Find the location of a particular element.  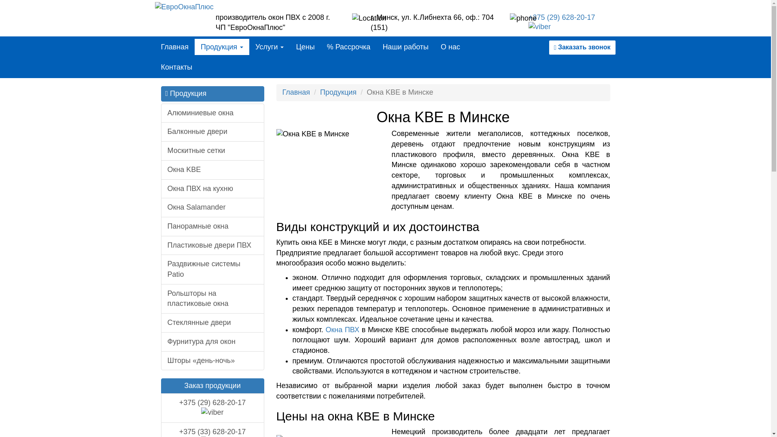

'+375 (29) 628-20-17' is located at coordinates (212, 408).